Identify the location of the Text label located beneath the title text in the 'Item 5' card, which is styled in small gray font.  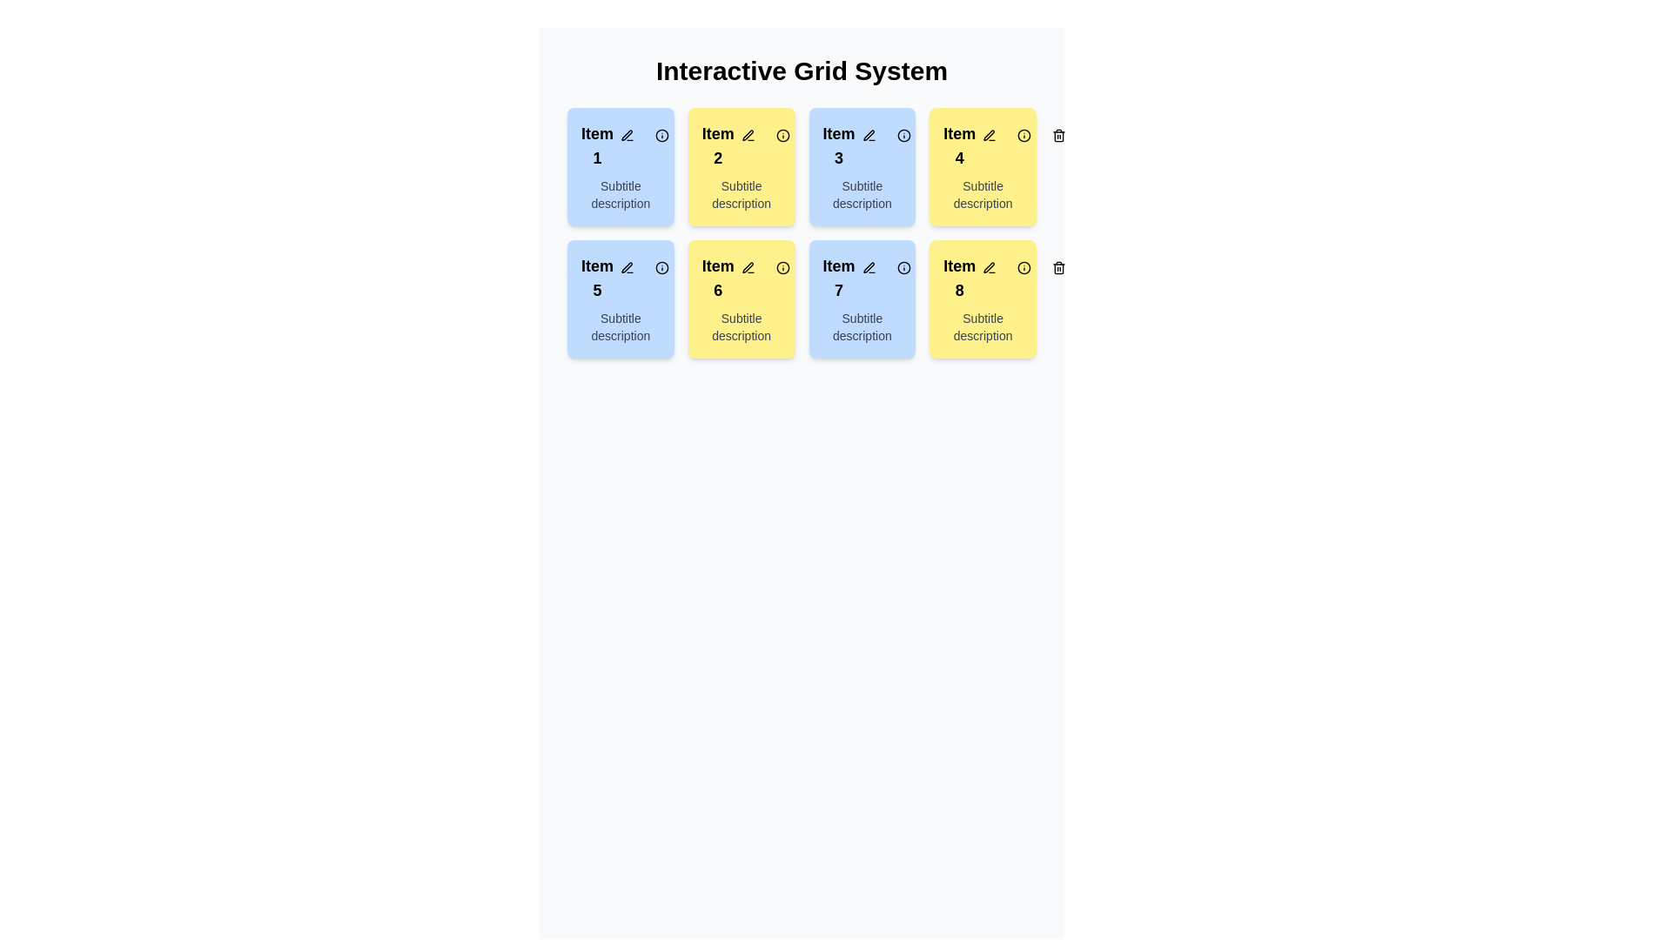
(621, 326).